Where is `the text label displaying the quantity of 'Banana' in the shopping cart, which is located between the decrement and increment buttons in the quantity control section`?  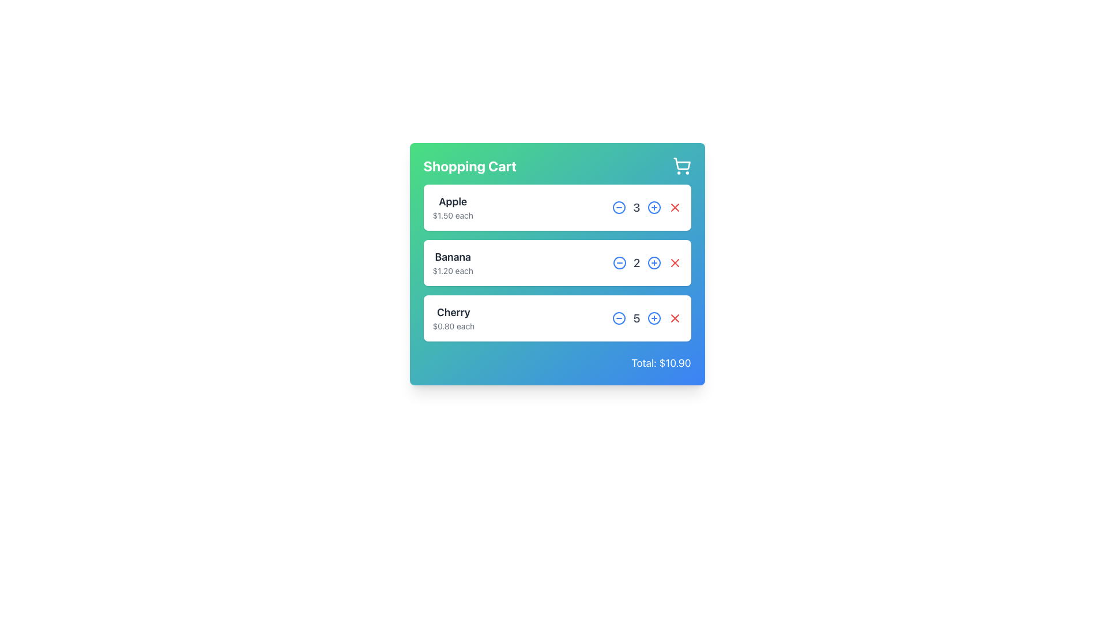 the text label displaying the quantity of 'Banana' in the shopping cart, which is located between the decrement and increment buttons in the quantity control section is located at coordinates (647, 262).